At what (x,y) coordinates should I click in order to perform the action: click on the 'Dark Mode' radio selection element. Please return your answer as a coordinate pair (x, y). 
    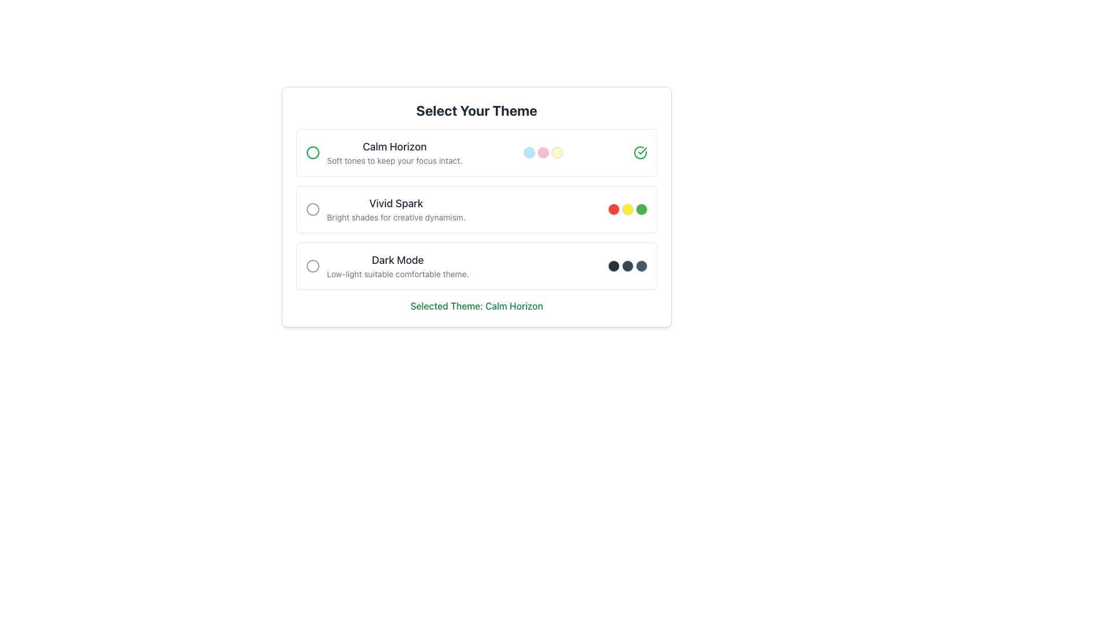
    Looking at the image, I should click on (387, 266).